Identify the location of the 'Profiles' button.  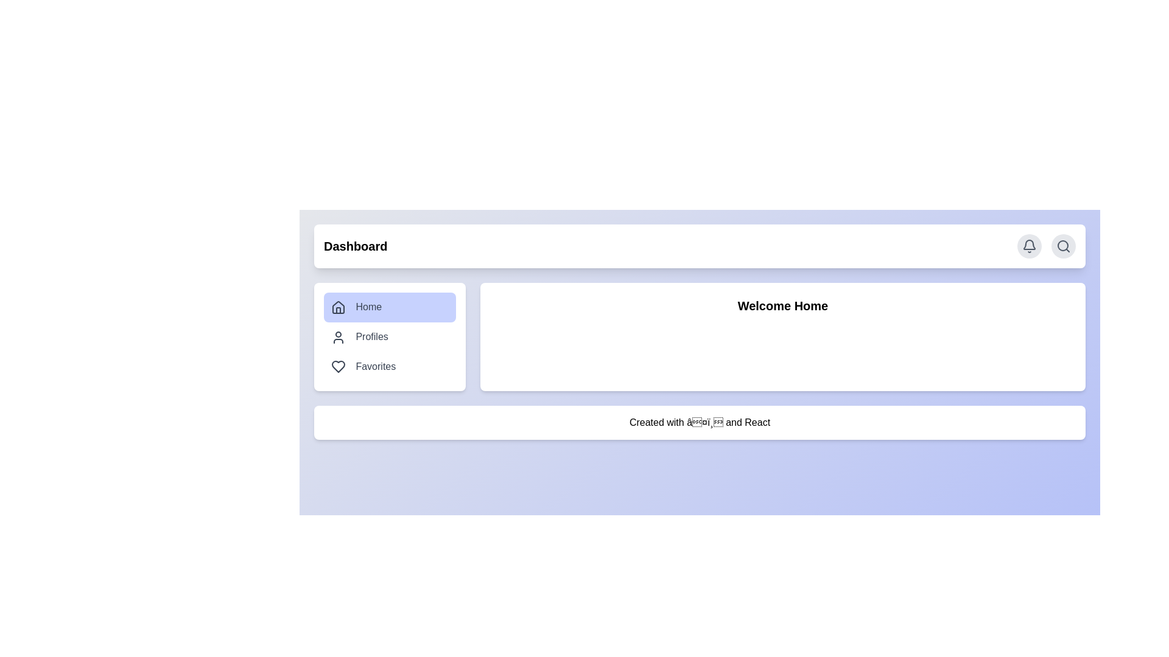
(390, 337).